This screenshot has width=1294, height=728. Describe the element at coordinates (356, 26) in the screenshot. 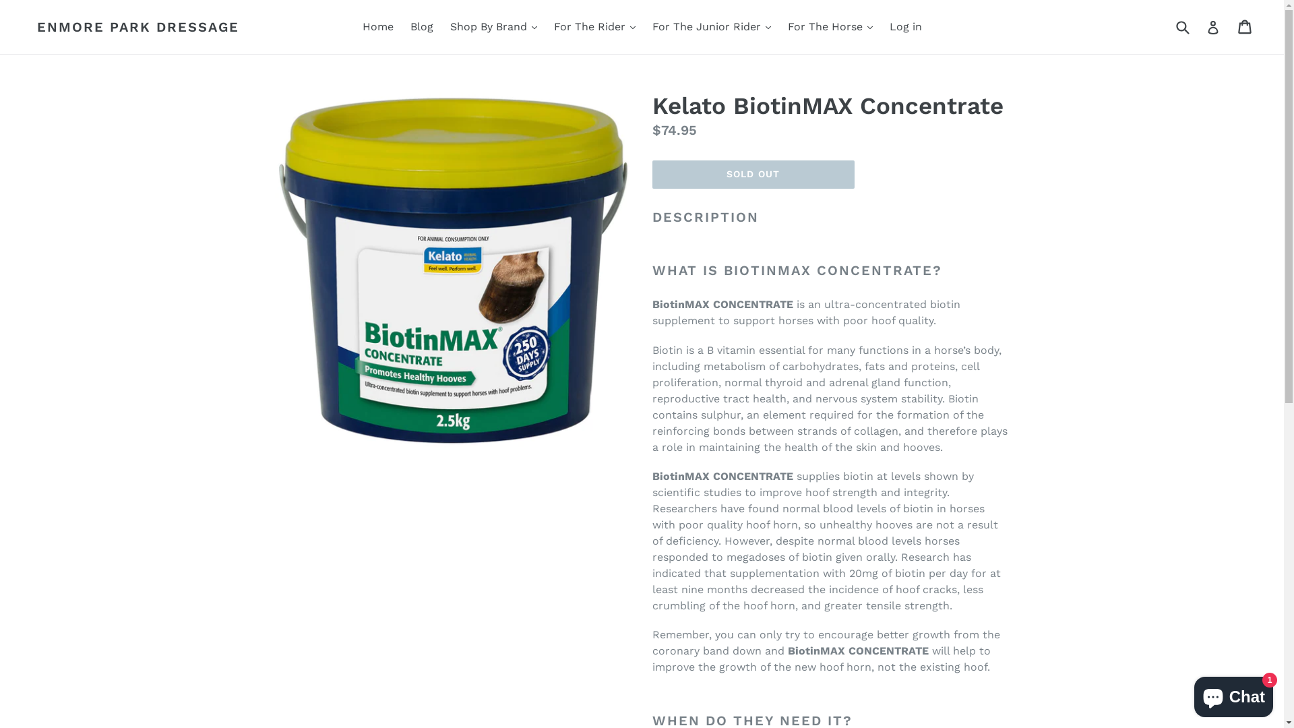

I see `'Home'` at that location.